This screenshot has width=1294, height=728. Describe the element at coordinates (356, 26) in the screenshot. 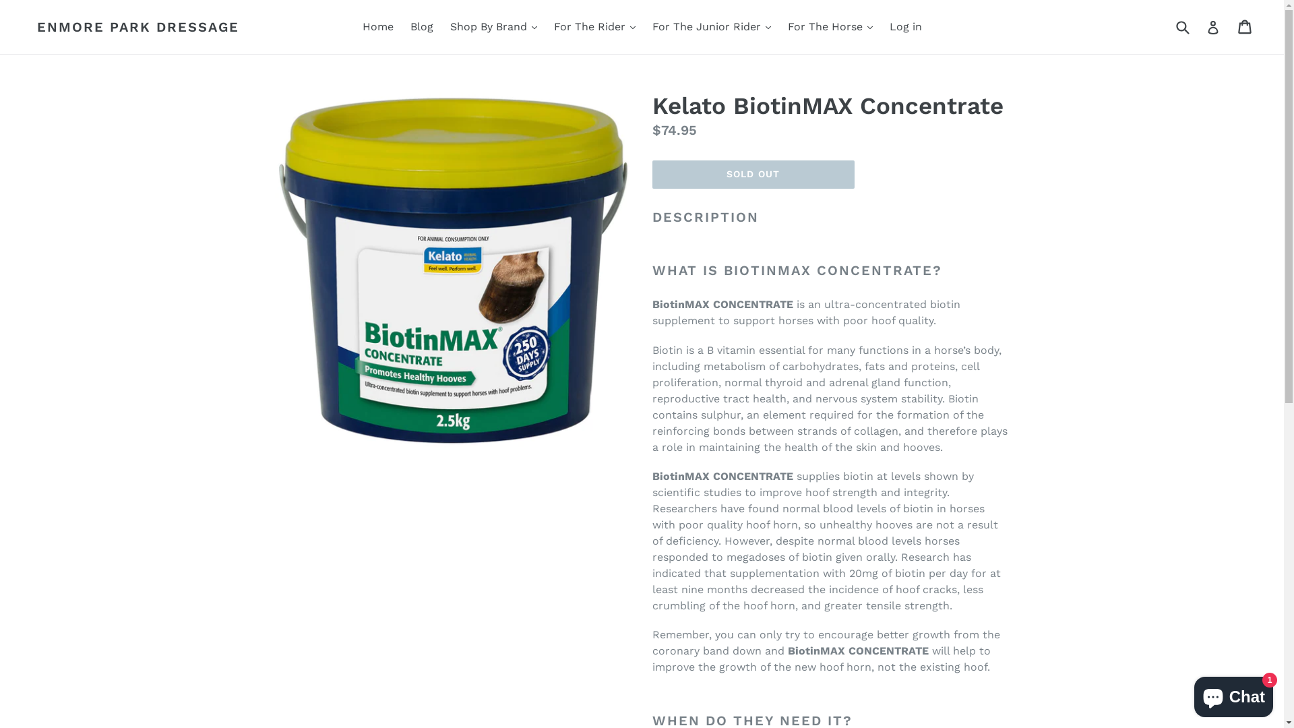

I see `'Home'` at that location.